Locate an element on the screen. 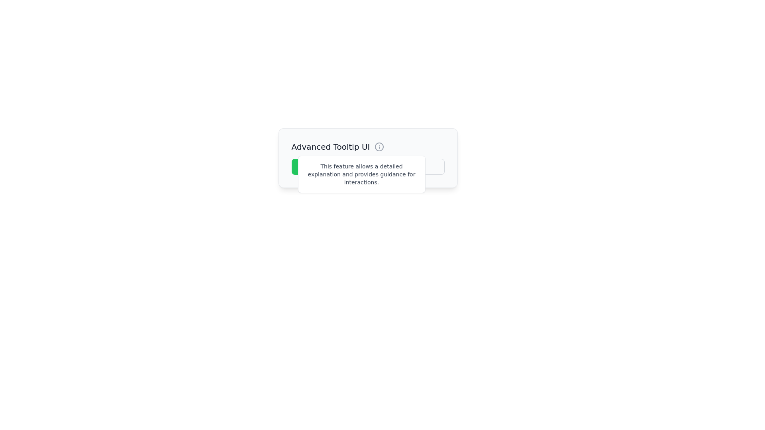 The height and width of the screenshot is (430, 765). informational text block located centrally within the tooltip box below the 'Advanced Tooltip UI' title is located at coordinates (361, 174).